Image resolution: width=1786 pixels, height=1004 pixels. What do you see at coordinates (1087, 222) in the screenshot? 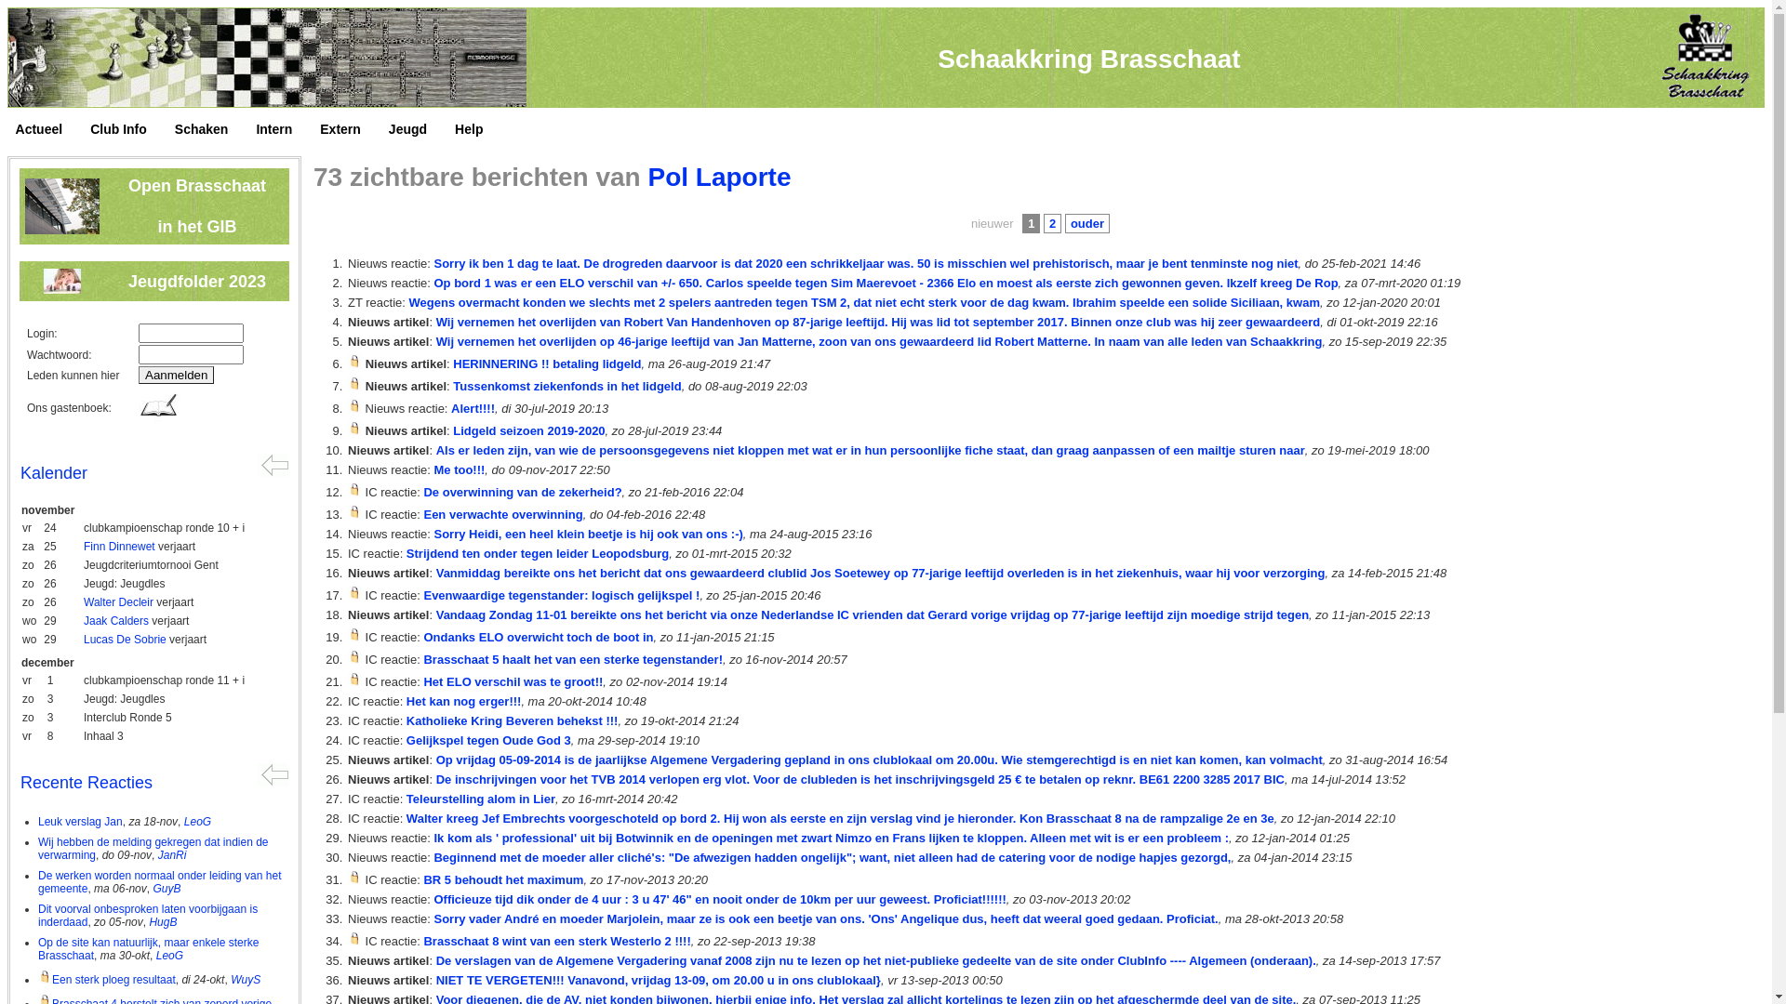
I see `'ouder'` at bounding box center [1087, 222].